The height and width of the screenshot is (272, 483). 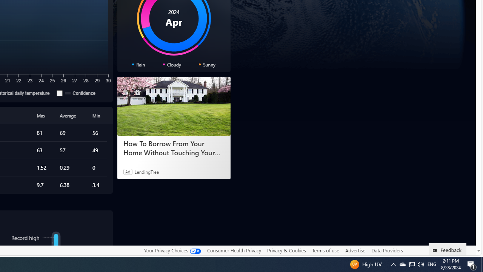 What do you see at coordinates (436, 250) in the screenshot?
I see `'Class: feedback_link_icon-DS-EntryPoint1-1'` at bounding box center [436, 250].